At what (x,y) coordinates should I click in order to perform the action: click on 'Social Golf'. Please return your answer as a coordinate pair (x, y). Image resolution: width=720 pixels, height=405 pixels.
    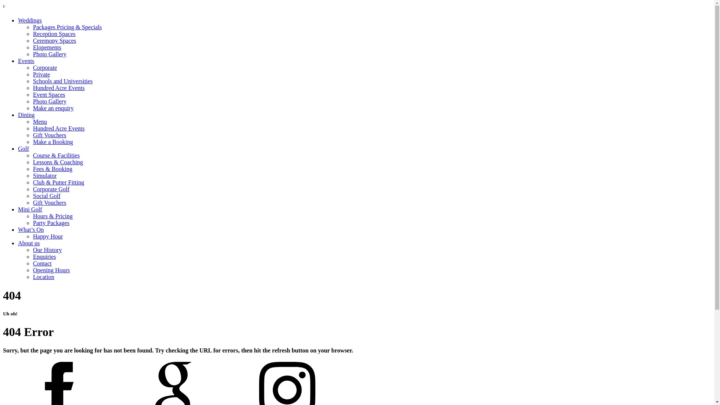
    Looking at the image, I should click on (32, 195).